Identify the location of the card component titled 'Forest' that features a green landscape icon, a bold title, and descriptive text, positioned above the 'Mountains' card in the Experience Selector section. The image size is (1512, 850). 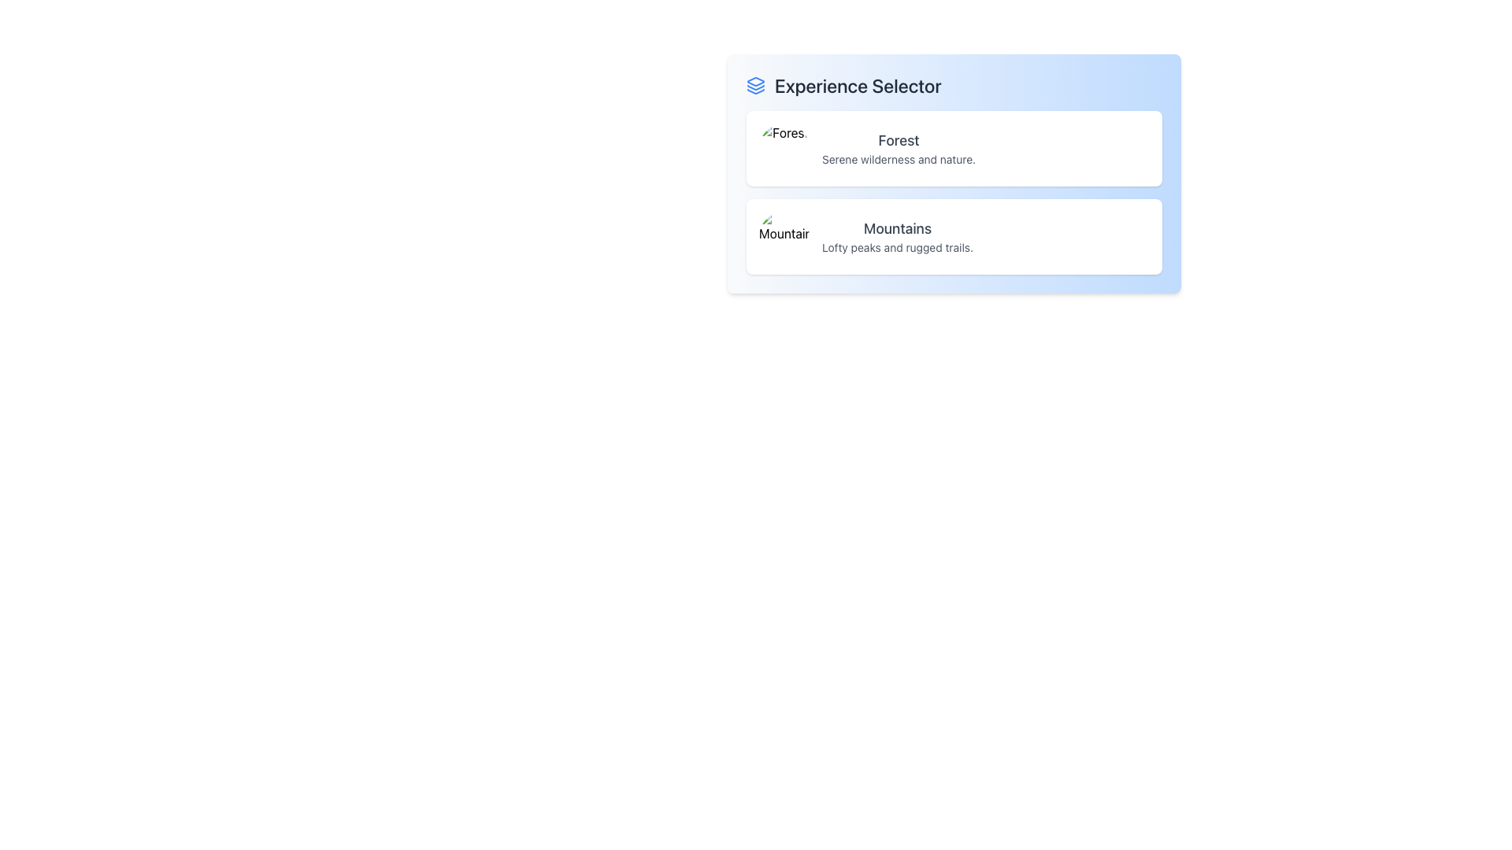
(953, 149).